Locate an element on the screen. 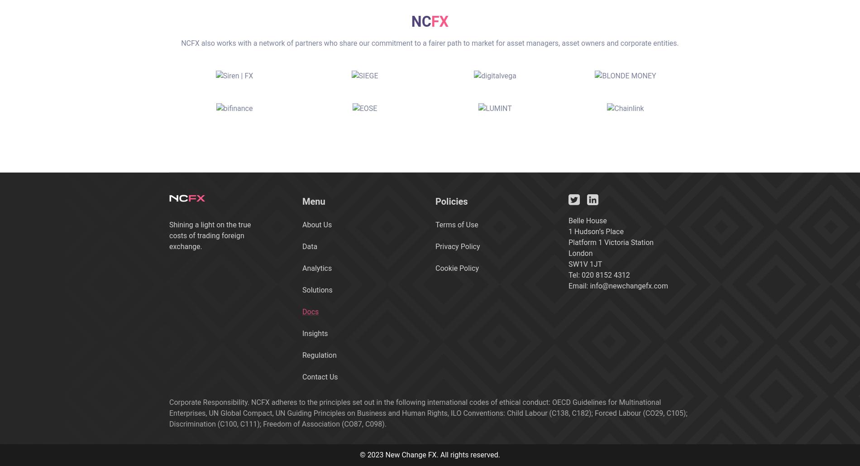 The image size is (860, 466). 'Tel:' is located at coordinates (574, 274).